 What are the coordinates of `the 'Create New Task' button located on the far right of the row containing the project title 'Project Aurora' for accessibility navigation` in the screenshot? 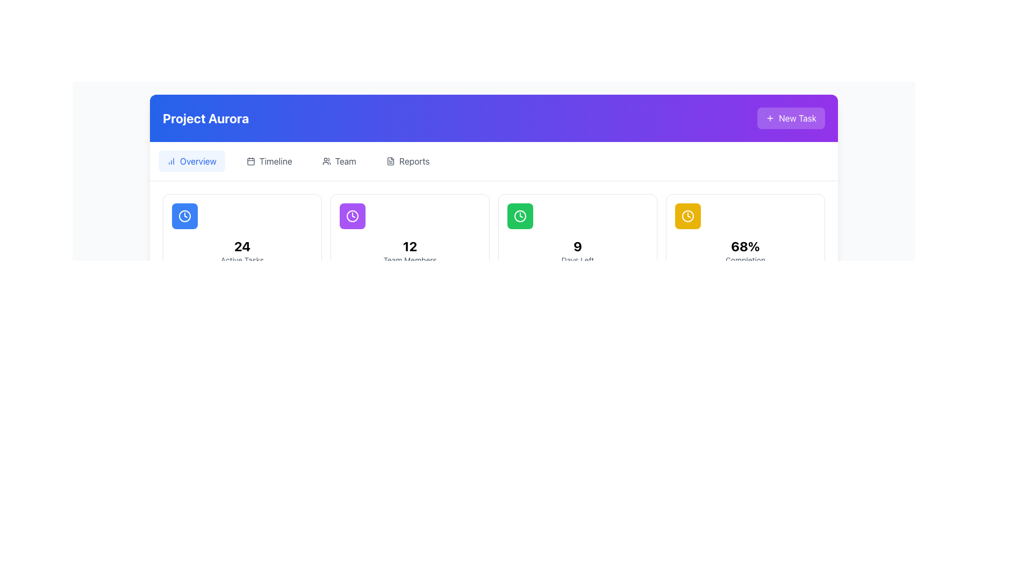 It's located at (791, 118).